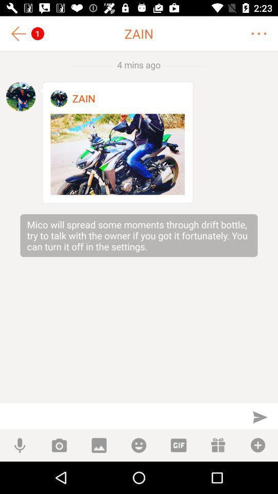 The image size is (278, 494). I want to click on text area, so click(120, 416).